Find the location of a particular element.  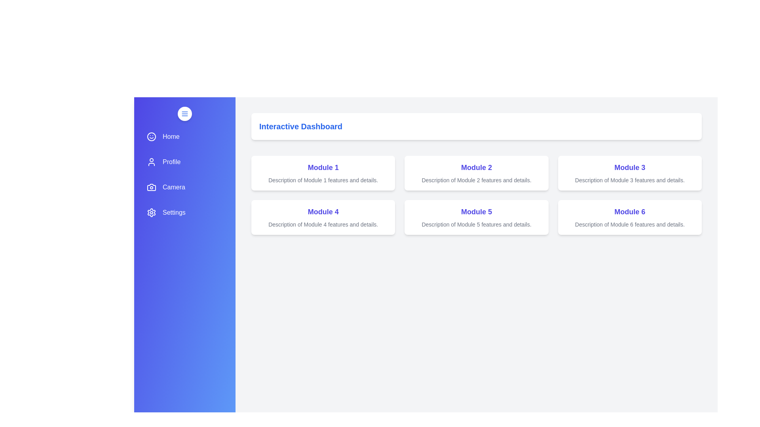

the 'Home' navigation label in the sidebar menu is located at coordinates (171, 136).